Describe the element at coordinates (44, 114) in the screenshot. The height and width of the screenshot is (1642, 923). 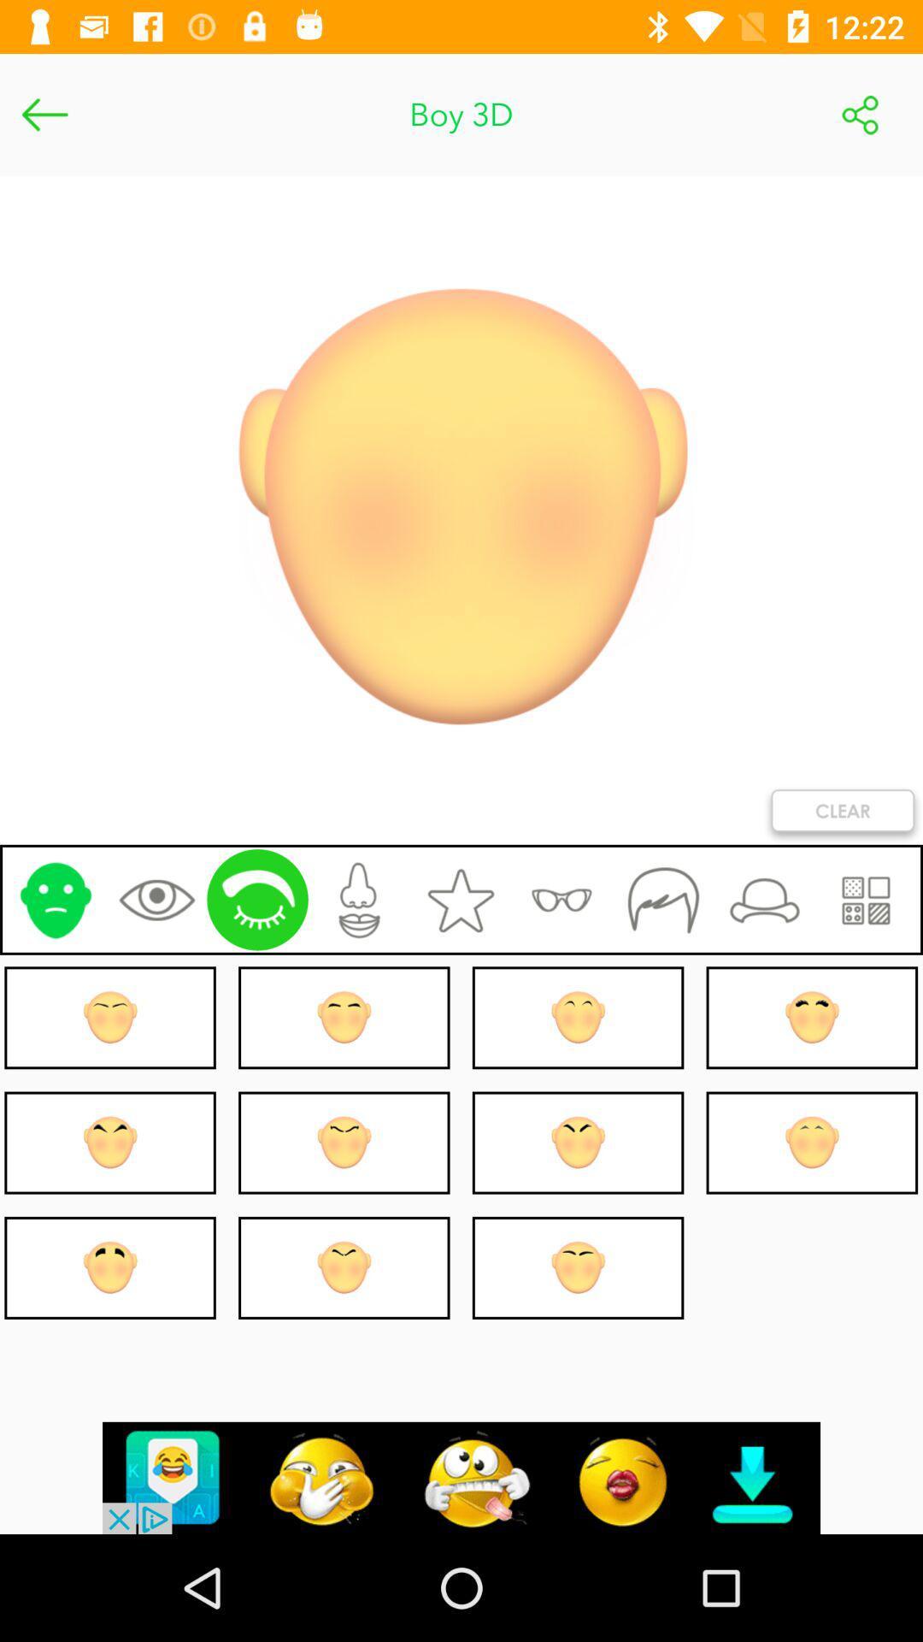
I see `go back` at that location.